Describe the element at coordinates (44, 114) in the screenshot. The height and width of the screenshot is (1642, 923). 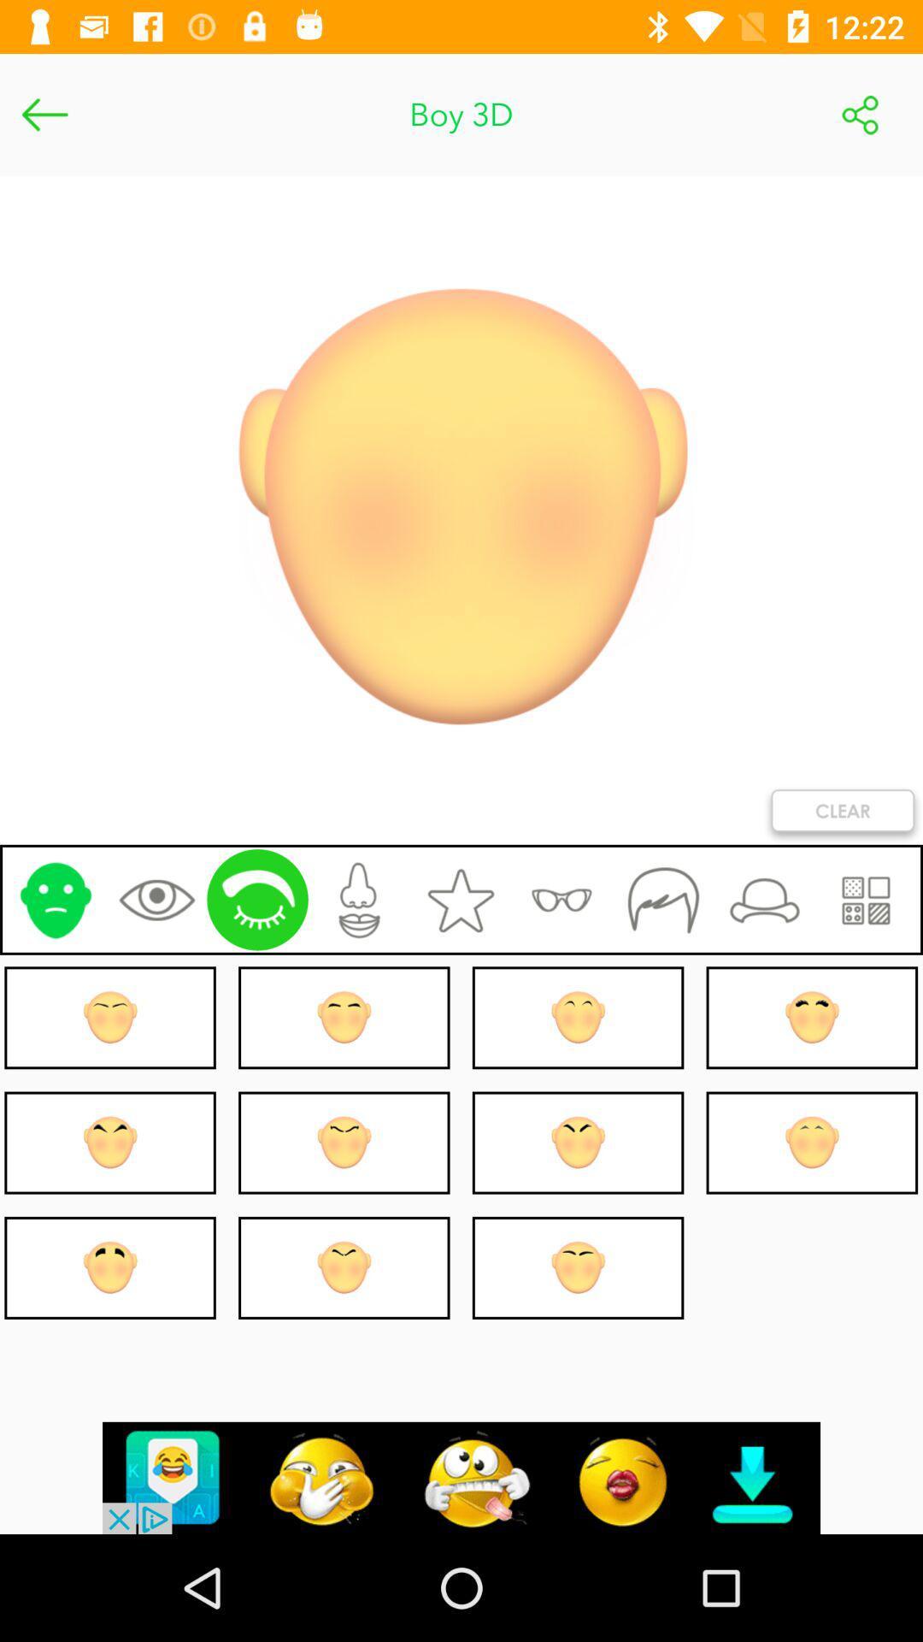
I see `go back` at that location.